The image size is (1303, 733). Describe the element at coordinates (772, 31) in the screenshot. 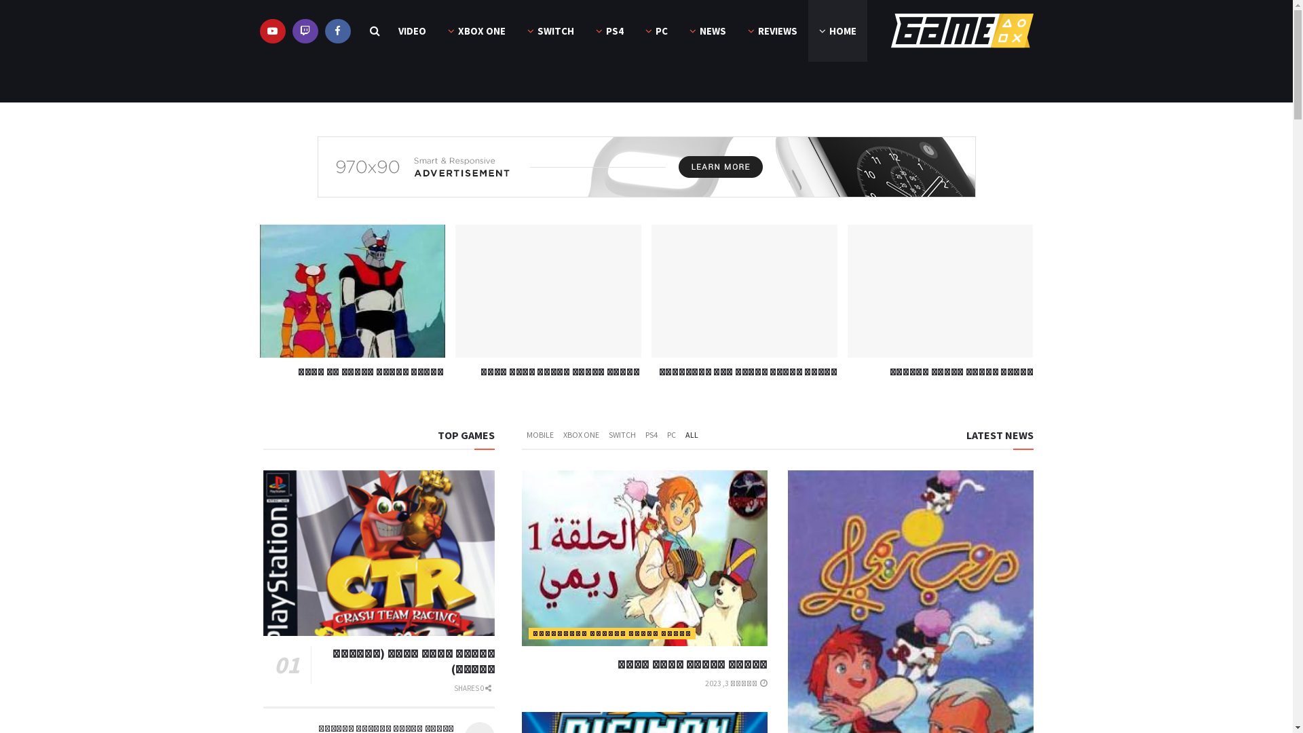

I see `'REVIEWS'` at that location.